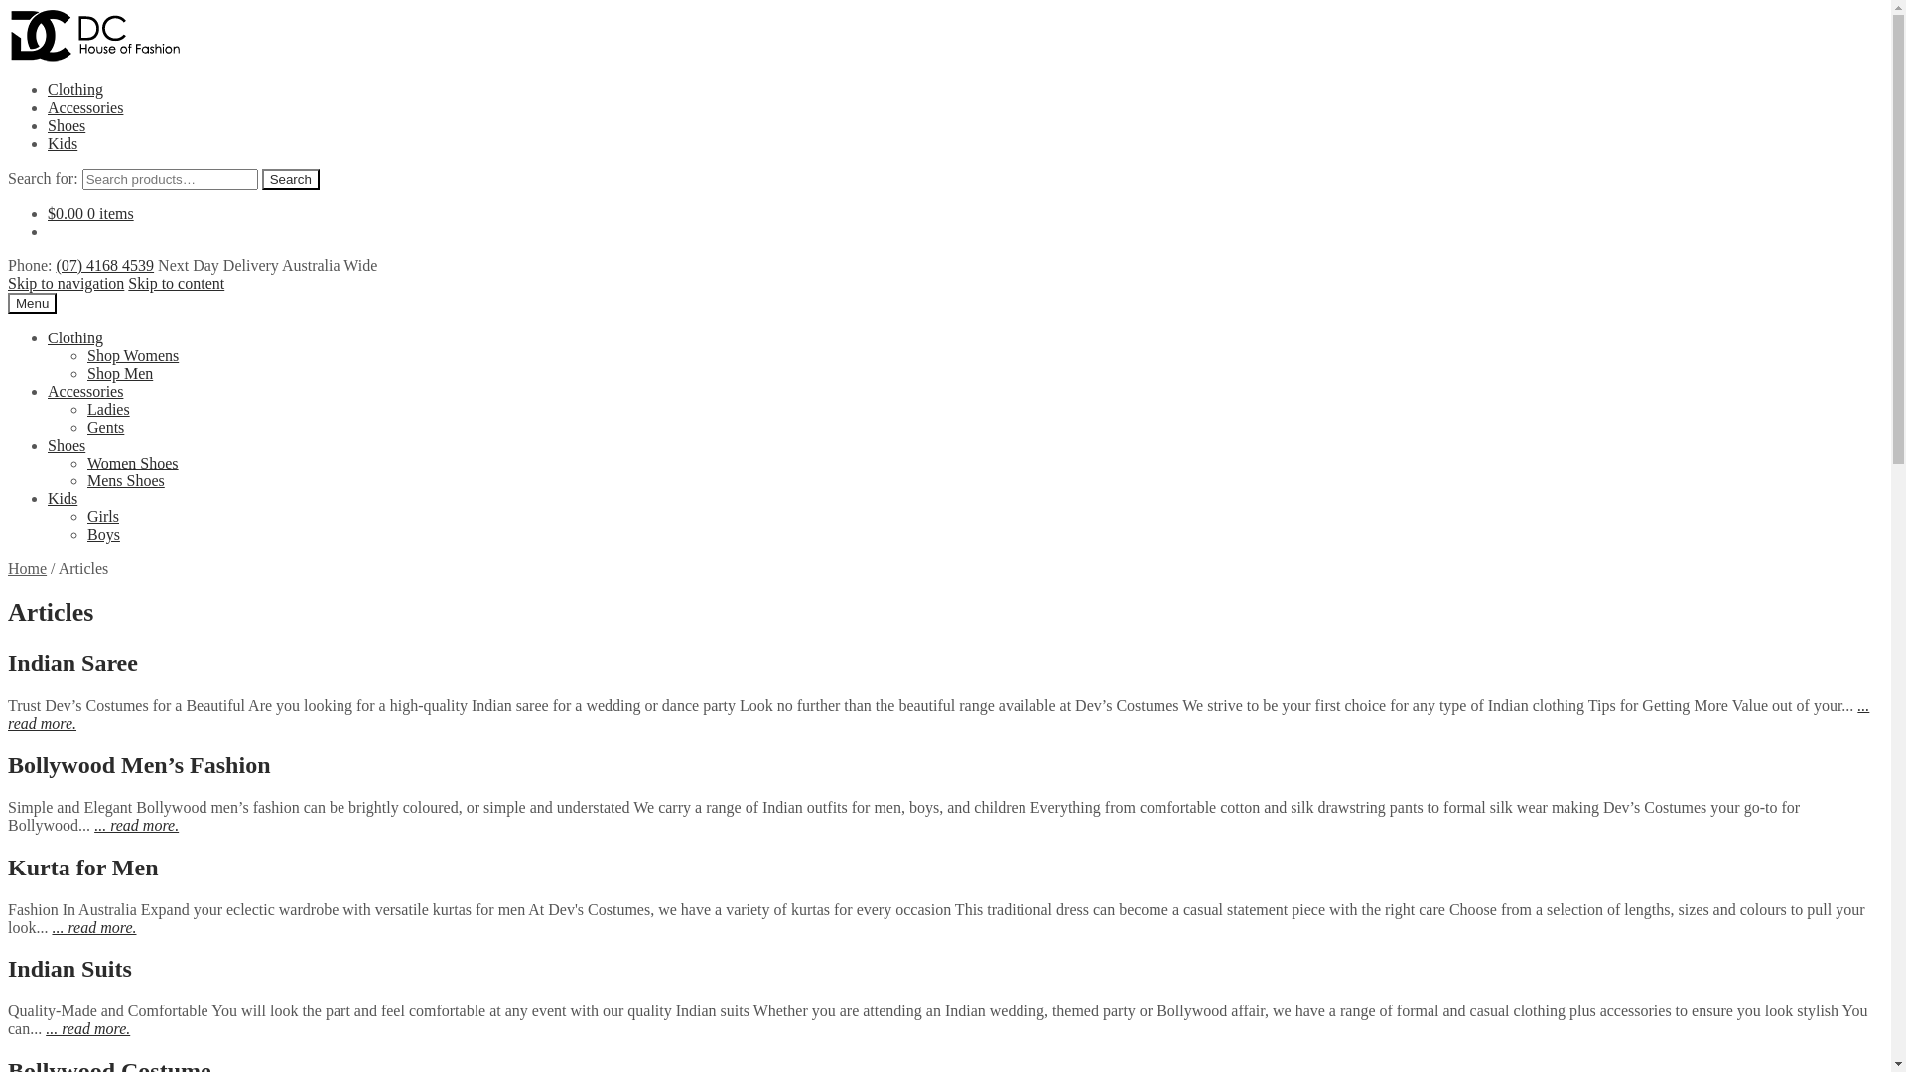 This screenshot has width=1906, height=1072. What do you see at coordinates (75, 336) in the screenshot?
I see `'Clothing'` at bounding box center [75, 336].